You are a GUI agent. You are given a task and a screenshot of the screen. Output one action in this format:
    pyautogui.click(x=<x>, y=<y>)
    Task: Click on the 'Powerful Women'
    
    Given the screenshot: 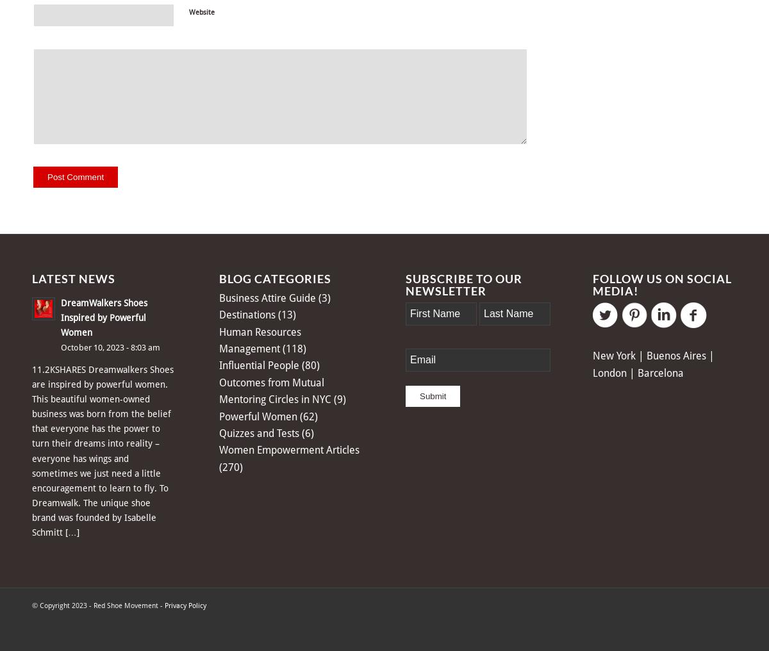 What is the action you would take?
    pyautogui.click(x=219, y=415)
    